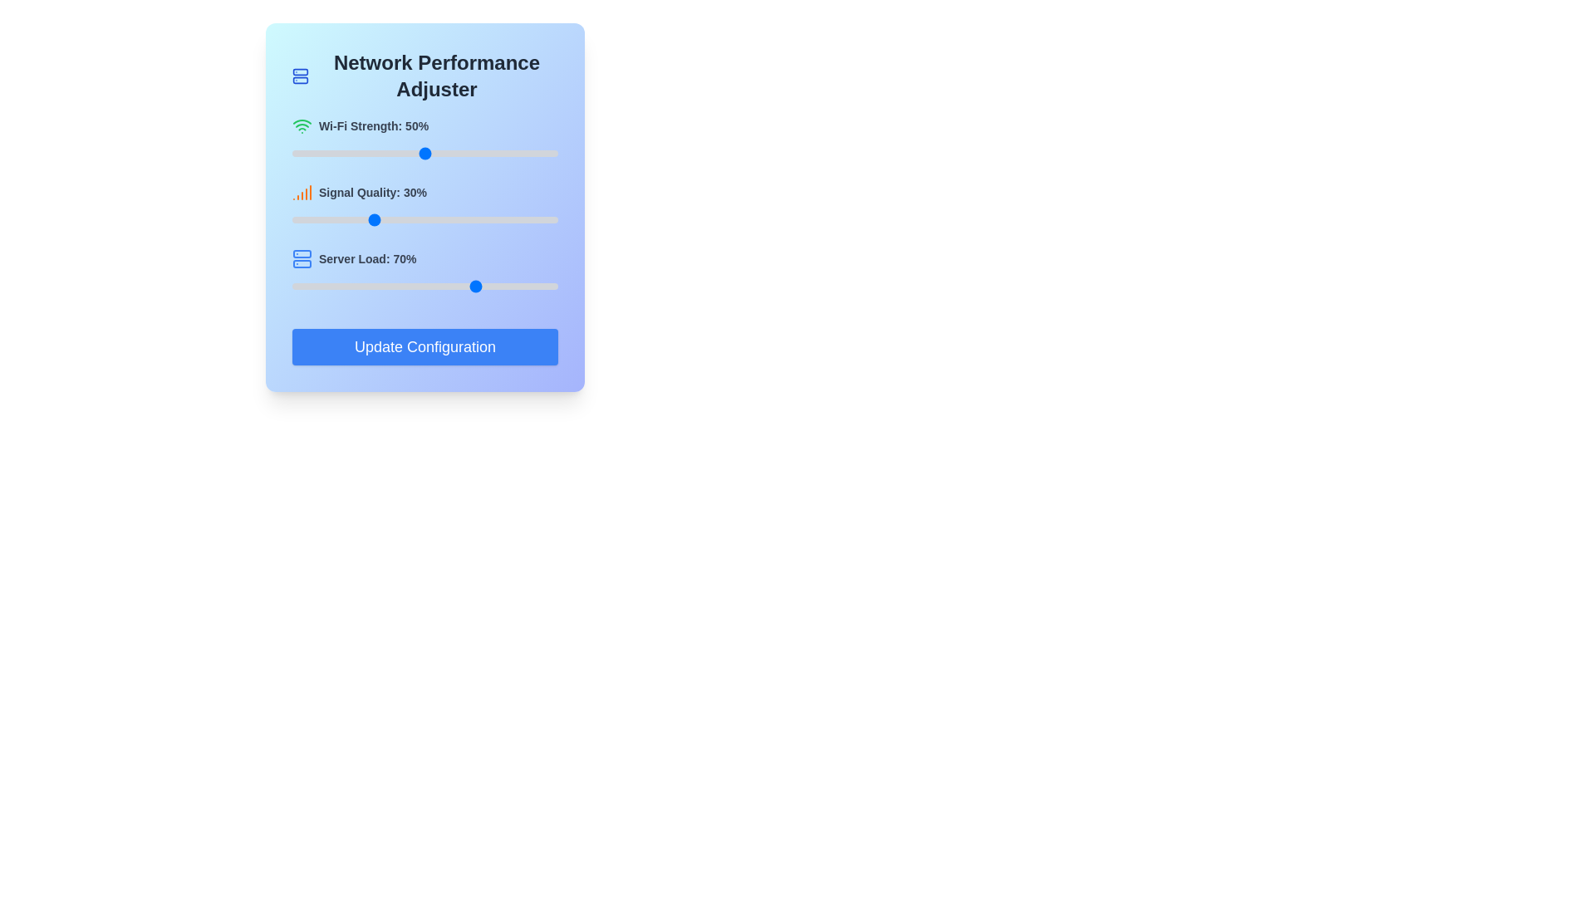 The image size is (1595, 897). Describe the element at coordinates (425, 285) in the screenshot. I see `the Range slider used to adjust the 'Server Load' setting, currently set to 70%, located in the 'Network Performance Adjuster' card` at that location.